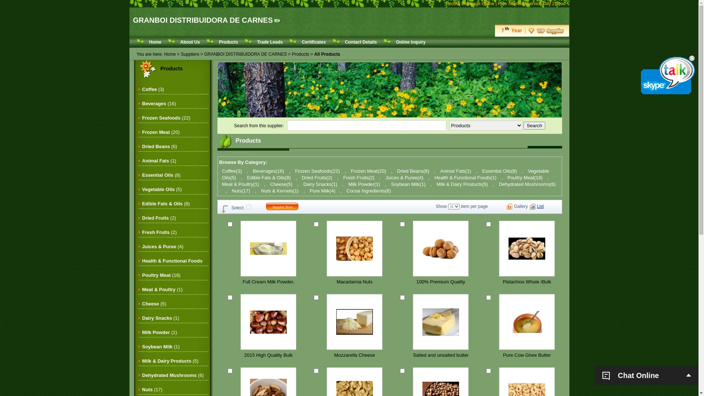  What do you see at coordinates (269, 42) in the screenshot?
I see `'Trade Leads'` at bounding box center [269, 42].